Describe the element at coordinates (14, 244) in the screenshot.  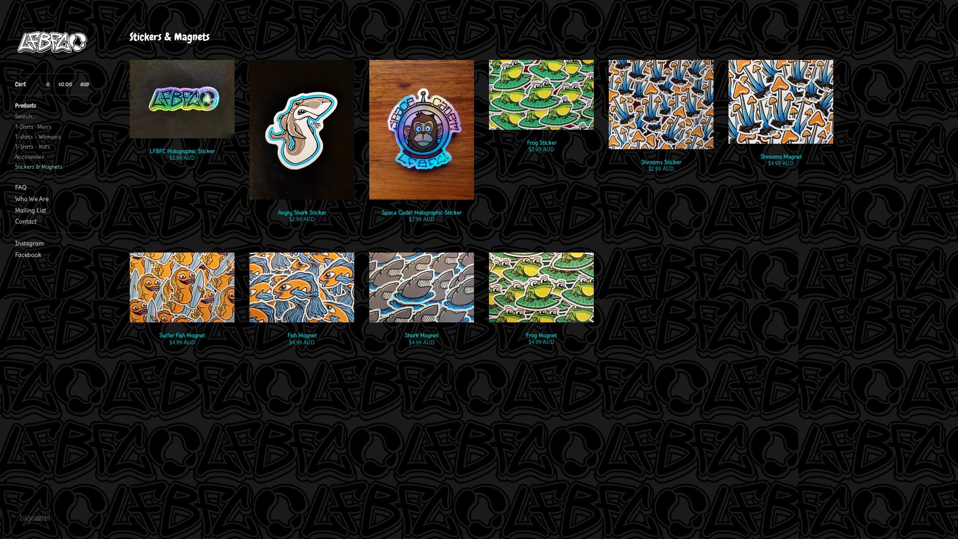
I see `'Instagram'` at that location.